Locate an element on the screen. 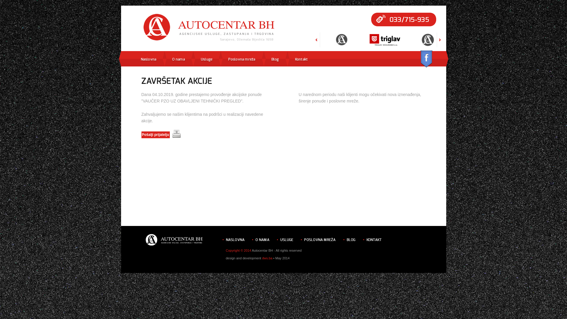 The image size is (567, 319). 'O NAMA' is located at coordinates (262, 240).